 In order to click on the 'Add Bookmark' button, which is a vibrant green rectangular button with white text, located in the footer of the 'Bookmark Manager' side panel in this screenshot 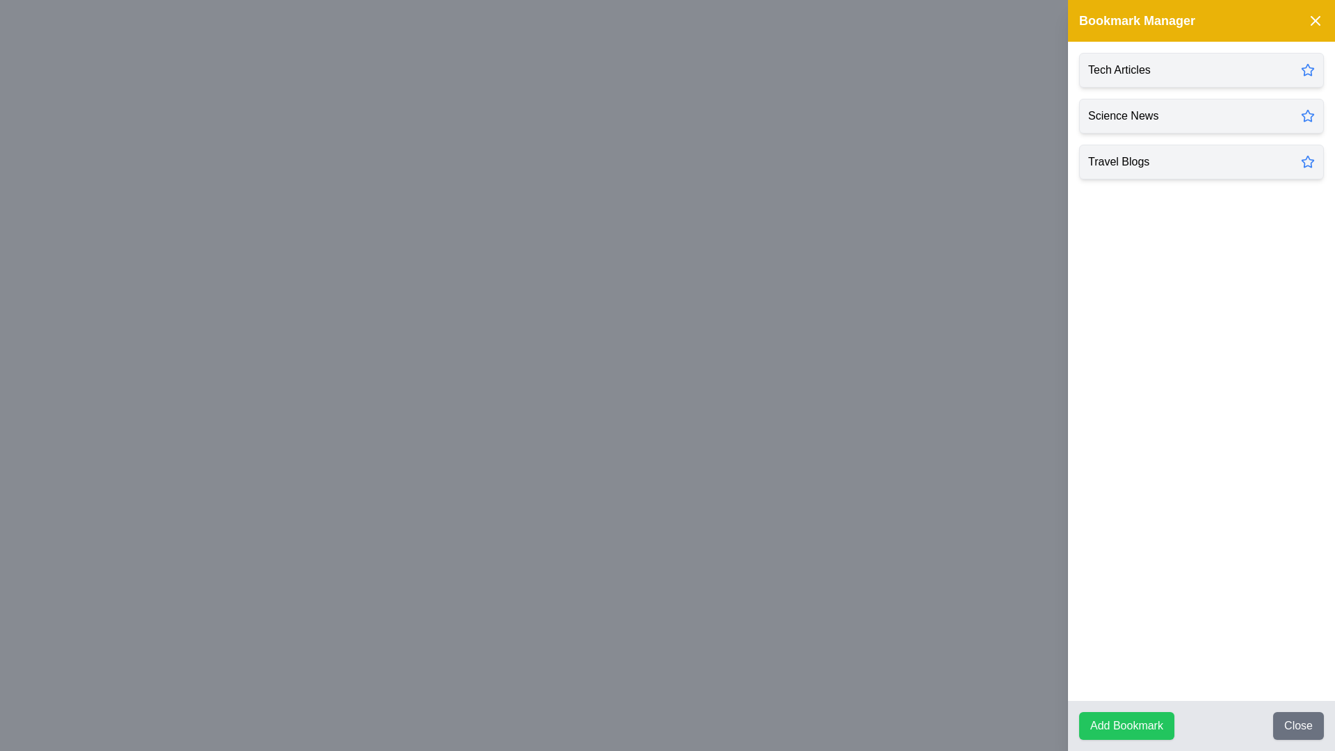, I will do `click(1126, 725)`.